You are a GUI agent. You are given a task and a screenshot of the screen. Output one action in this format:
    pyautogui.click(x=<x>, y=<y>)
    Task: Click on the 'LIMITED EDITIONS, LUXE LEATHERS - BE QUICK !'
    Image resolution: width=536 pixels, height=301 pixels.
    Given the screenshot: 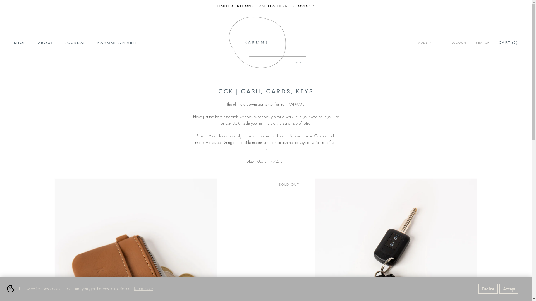 What is the action you would take?
    pyautogui.click(x=266, y=6)
    